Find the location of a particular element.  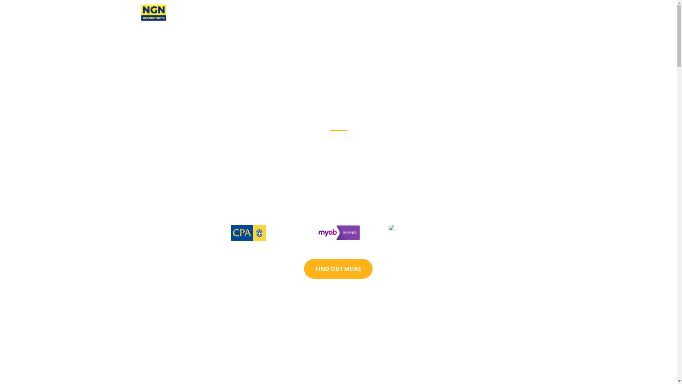

'CONTACT' is located at coordinates (518, 12).